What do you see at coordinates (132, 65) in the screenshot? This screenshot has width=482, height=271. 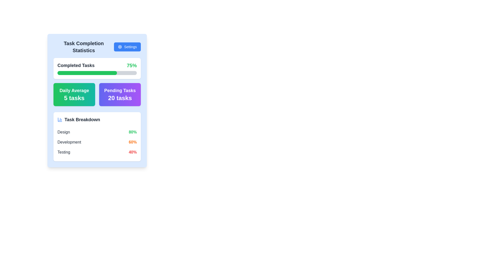 I see `the text display that represents the completion percentage of the task group, located in the top-right corner of the 'Completed Tasks' section, following the text 'Completed Tasks.'` at bounding box center [132, 65].